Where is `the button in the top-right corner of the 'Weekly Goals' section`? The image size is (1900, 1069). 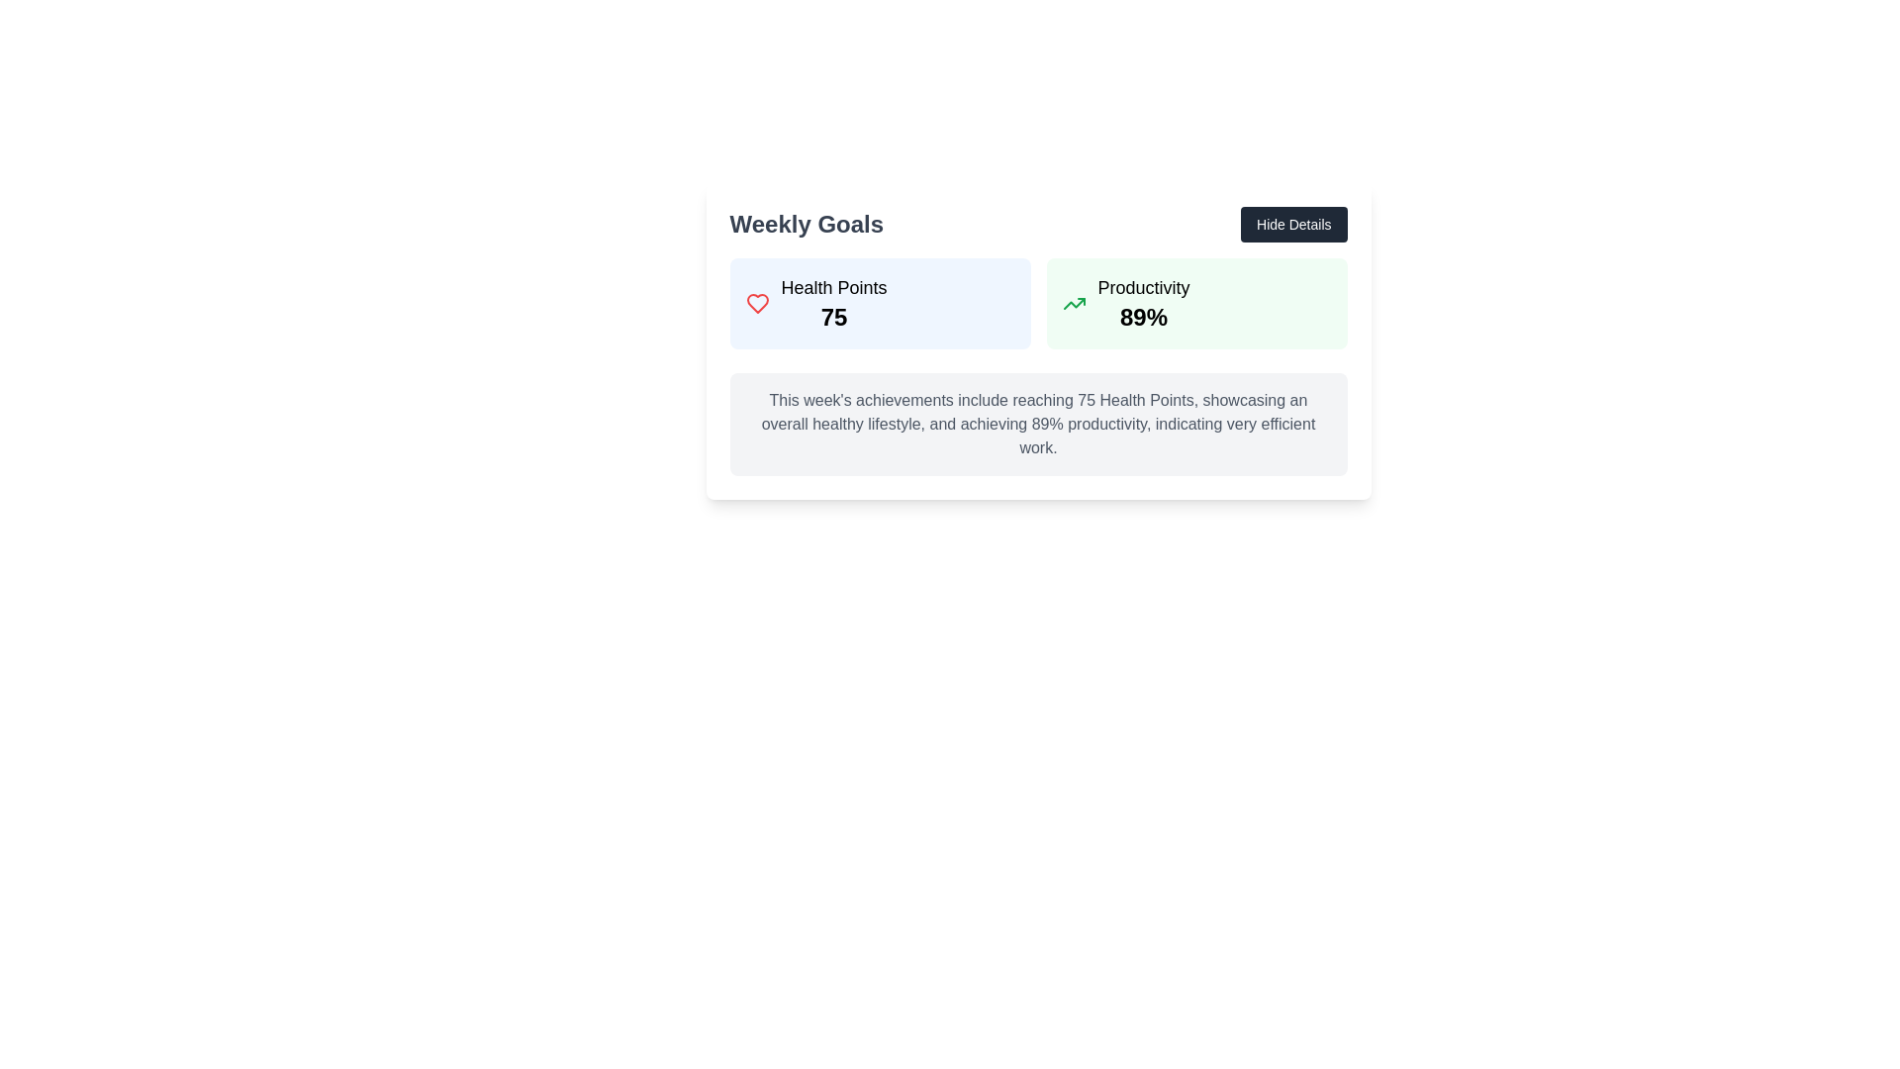
the button in the top-right corner of the 'Weekly Goals' section is located at coordinates (1293, 224).